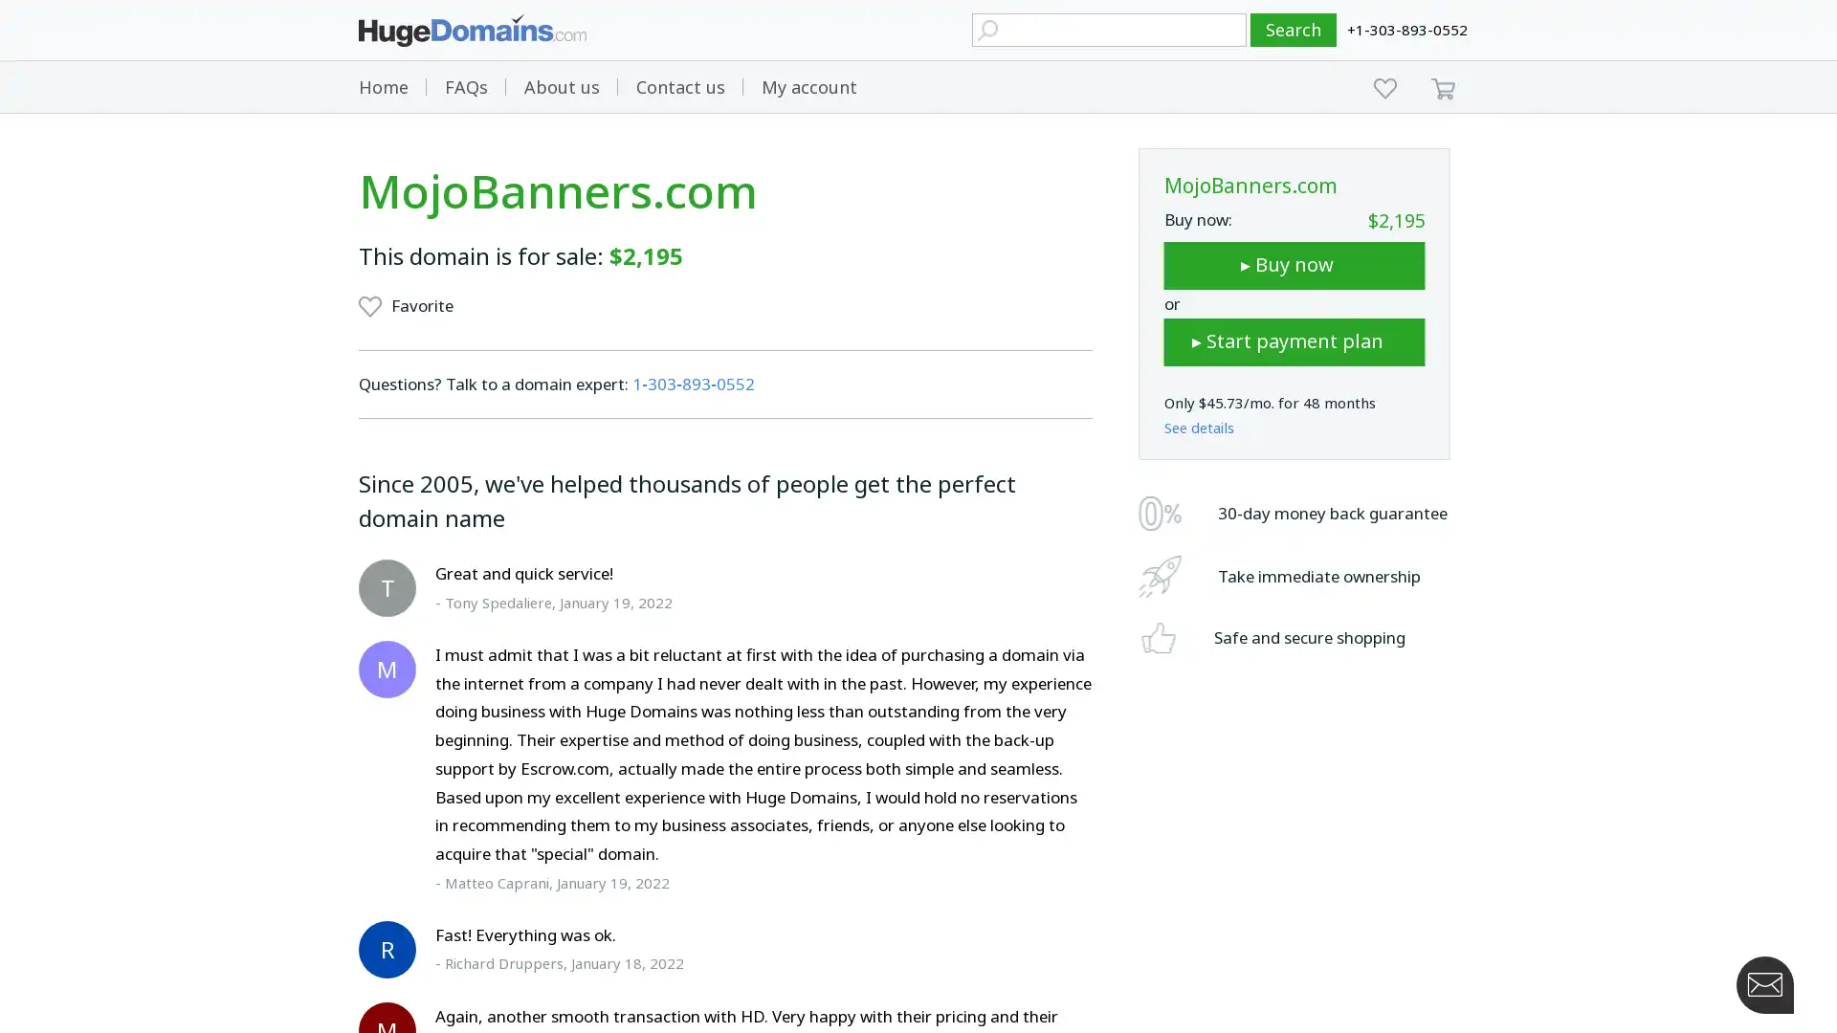 This screenshot has width=1837, height=1033. I want to click on Search, so click(1294, 30).